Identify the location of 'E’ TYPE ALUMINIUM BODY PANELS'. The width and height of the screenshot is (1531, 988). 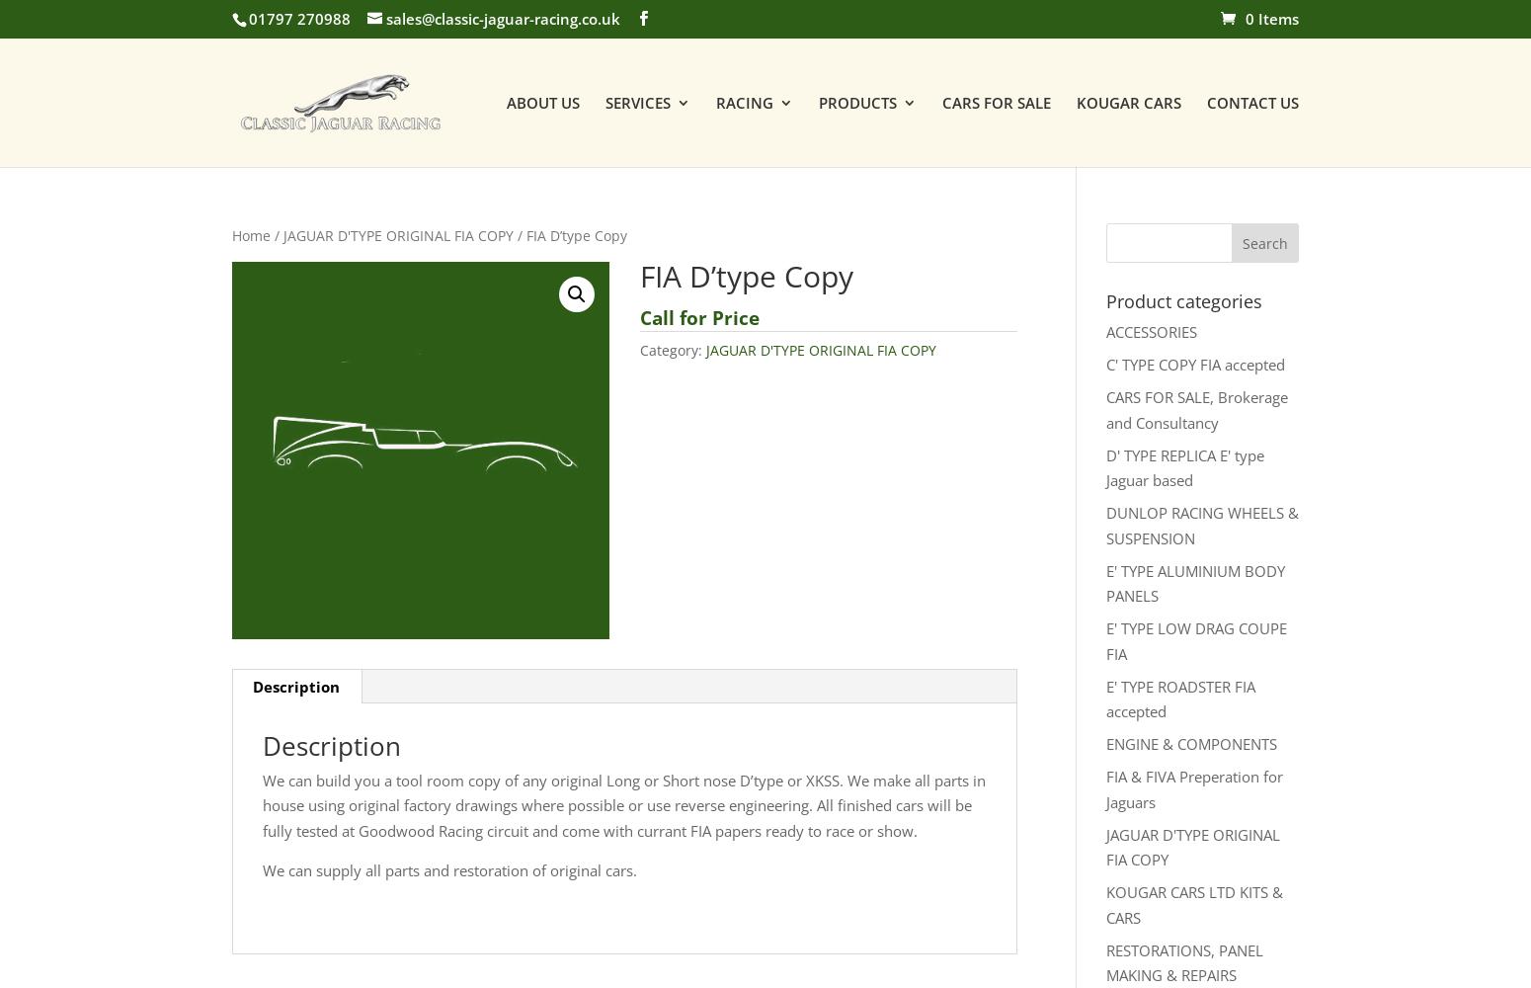
(974, 408).